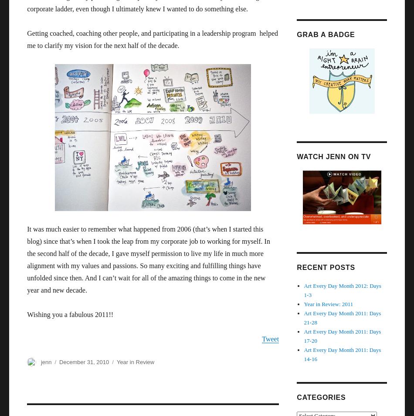  I want to click on 'Grab a Badge', so click(325, 34).